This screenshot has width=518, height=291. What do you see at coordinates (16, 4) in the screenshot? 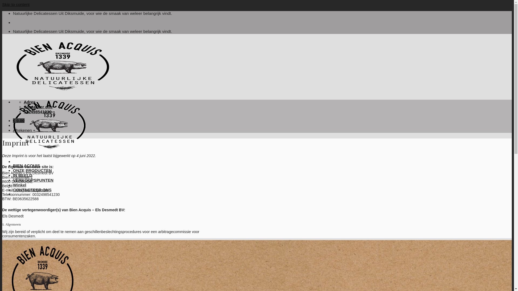
I see `'Skip to content'` at bounding box center [16, 4].